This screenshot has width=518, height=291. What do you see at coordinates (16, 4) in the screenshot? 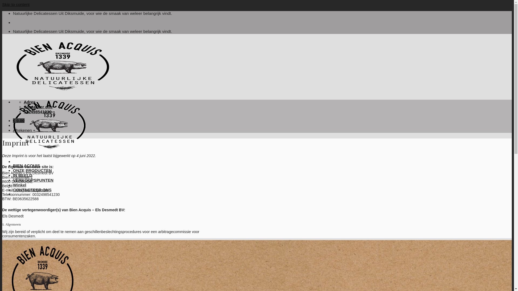
I see `'Skip to content'` at bounding box center [16, 4].